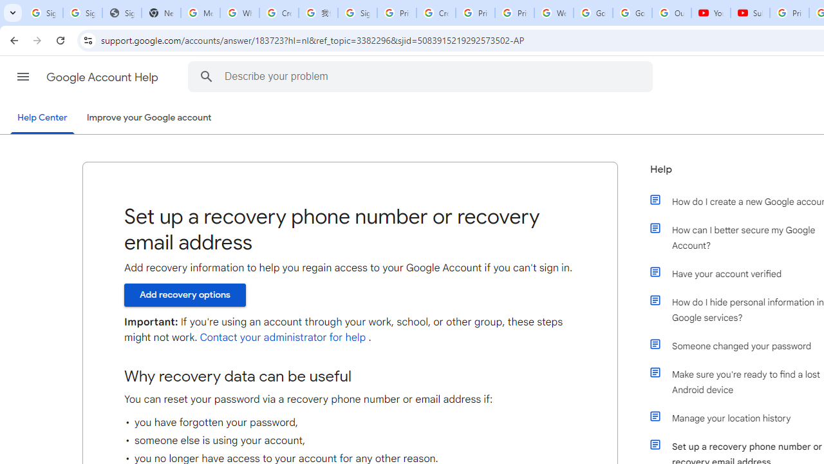  I want to click on 'Help Center', so click(42, 118).